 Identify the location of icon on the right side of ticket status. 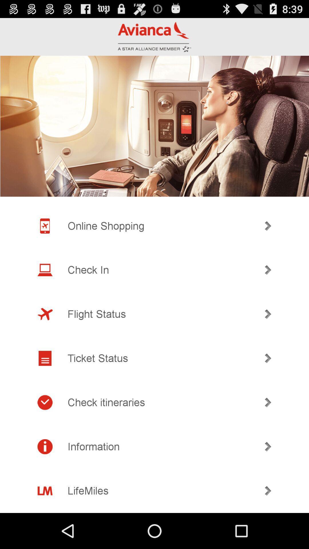
(268, 358).